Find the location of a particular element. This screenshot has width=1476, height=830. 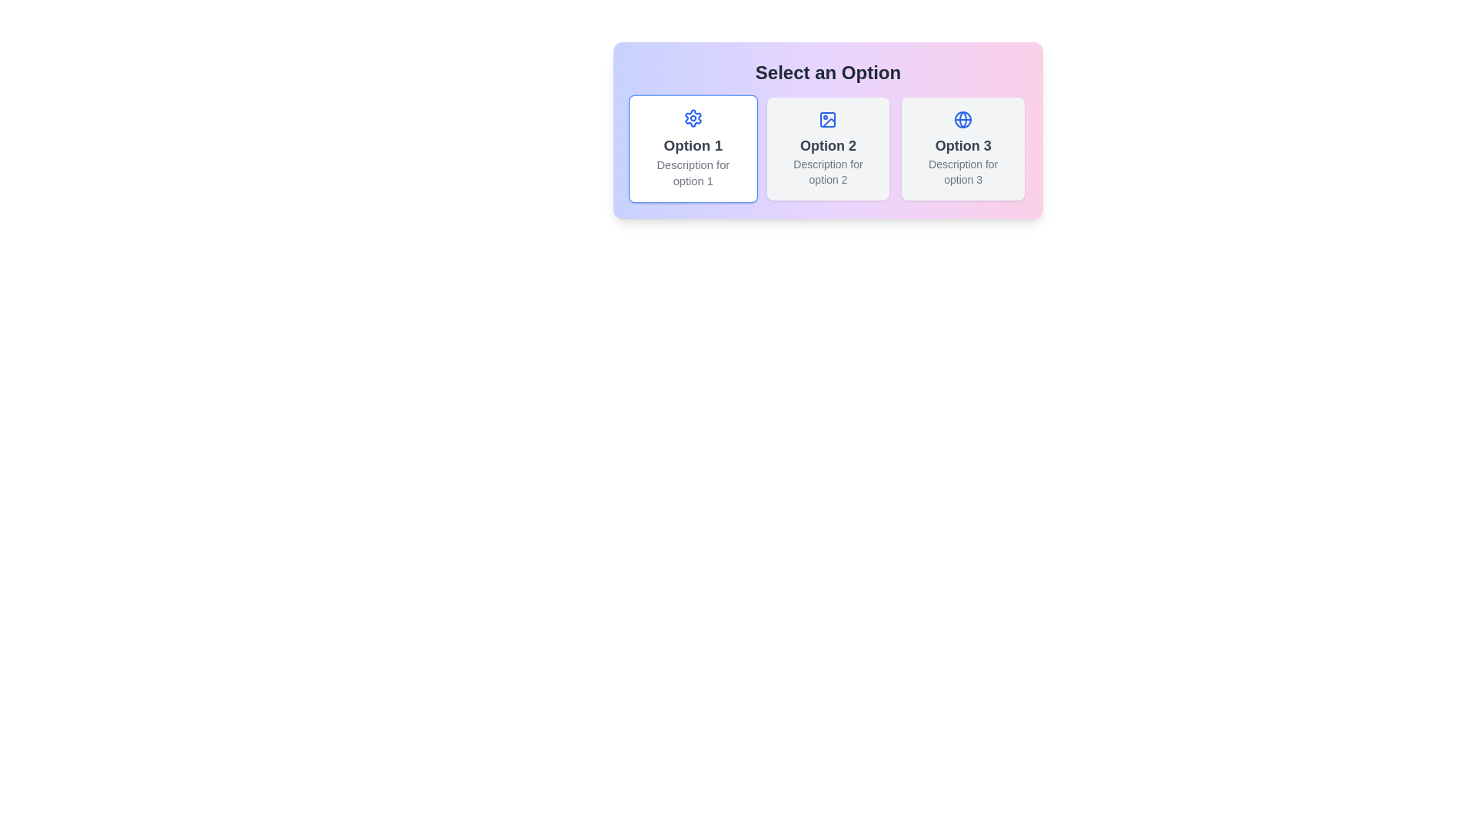

the gear icon with a blue outline is located at coordinates (692, 118).